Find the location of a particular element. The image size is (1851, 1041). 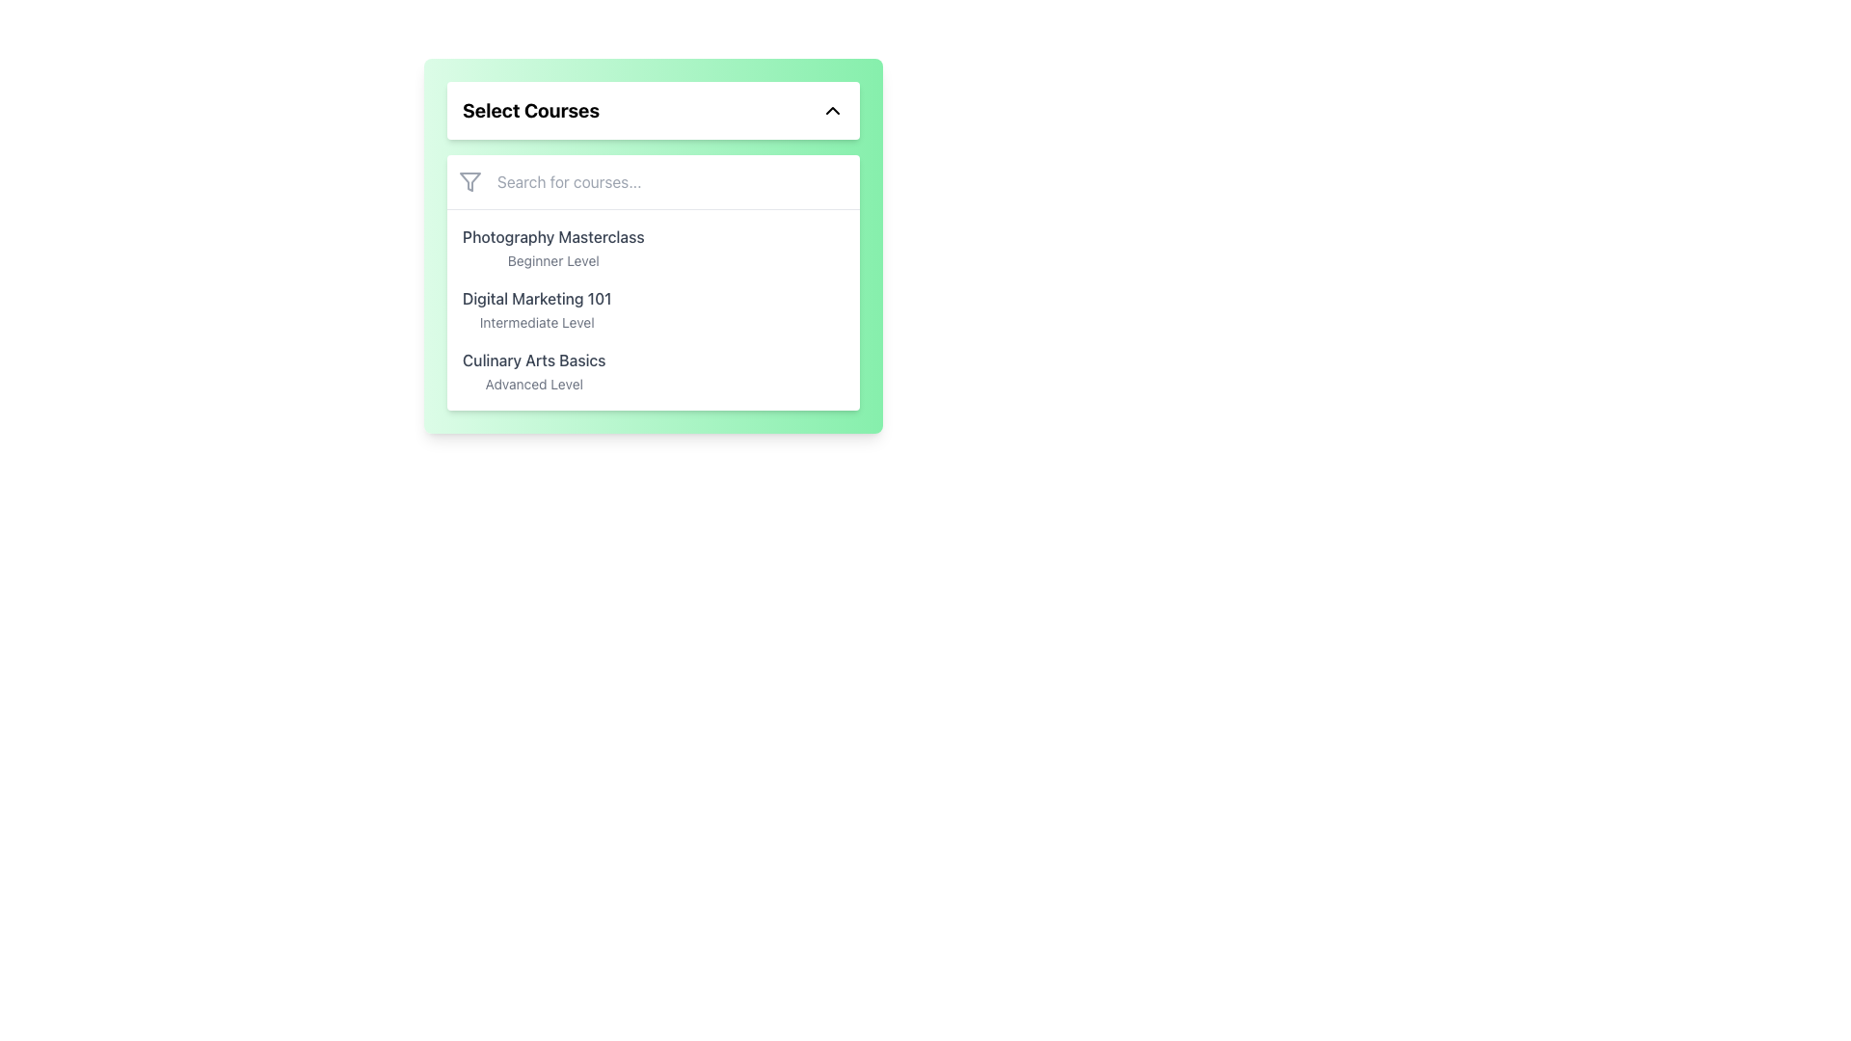

the selectable course option labeled 'Digital Marketing 101' is located at coordinates (653, 308).